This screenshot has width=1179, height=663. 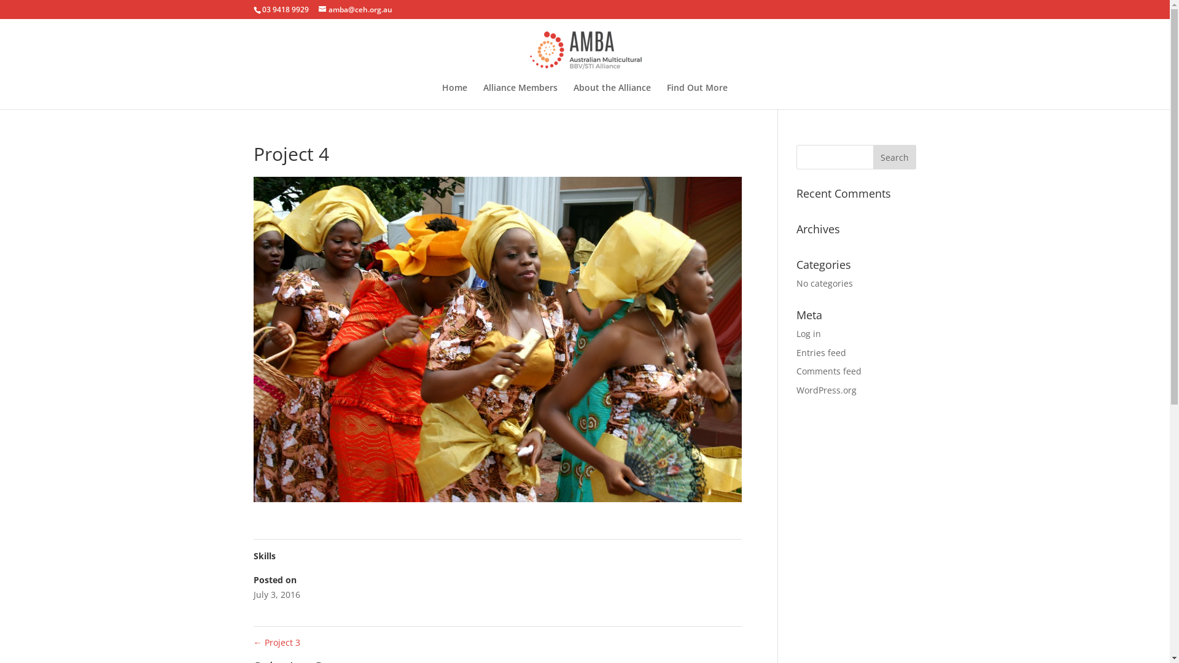 What do you see at coordinates (826, 390) in the screenshot?
I see `'WordPress.org'` at bounding box center [826, 390].